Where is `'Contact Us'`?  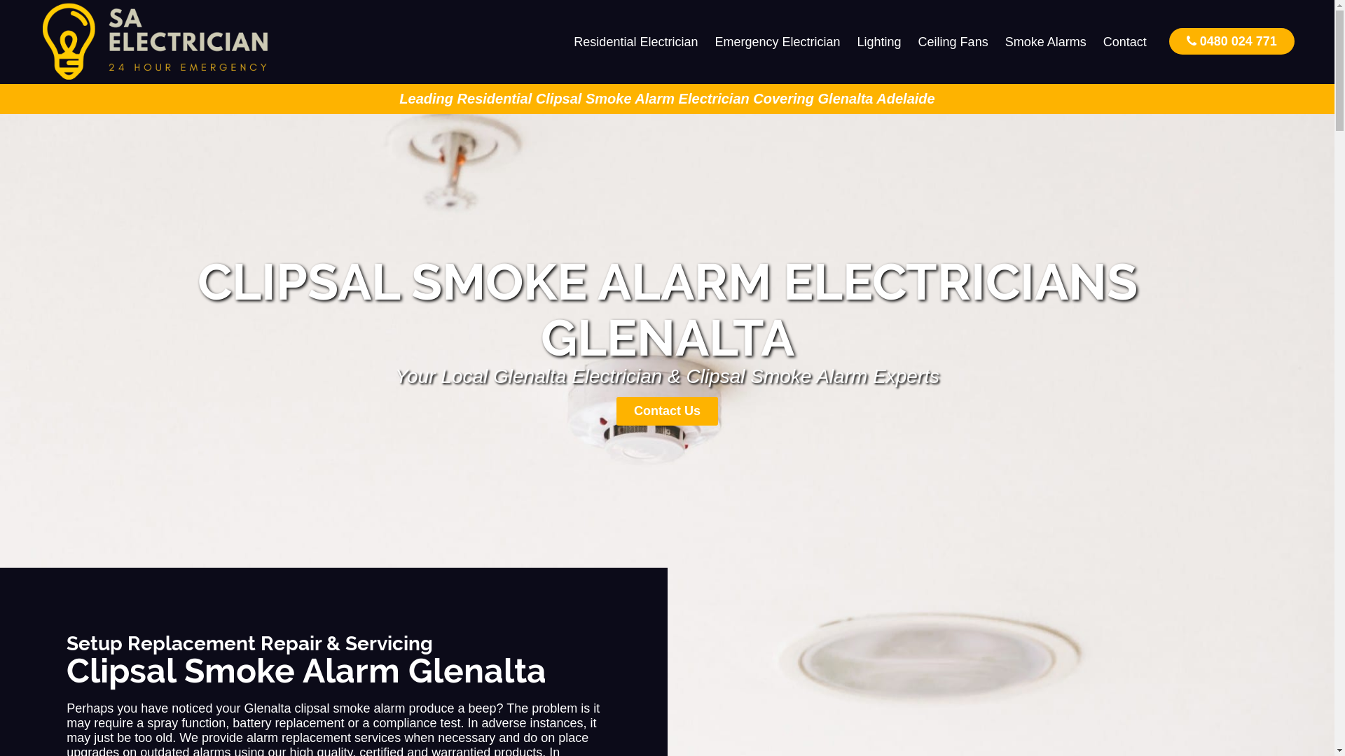
'Contact Us' is located at coordinates (666, 410).